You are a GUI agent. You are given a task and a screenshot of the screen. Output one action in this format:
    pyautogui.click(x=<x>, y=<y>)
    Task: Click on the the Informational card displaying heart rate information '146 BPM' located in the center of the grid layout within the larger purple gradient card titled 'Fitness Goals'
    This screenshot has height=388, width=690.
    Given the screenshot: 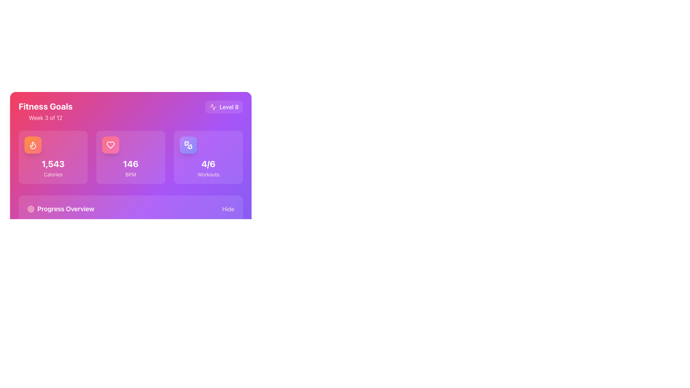 What is the action you would take?
    pyautogui.click(x=131, y=157)
    